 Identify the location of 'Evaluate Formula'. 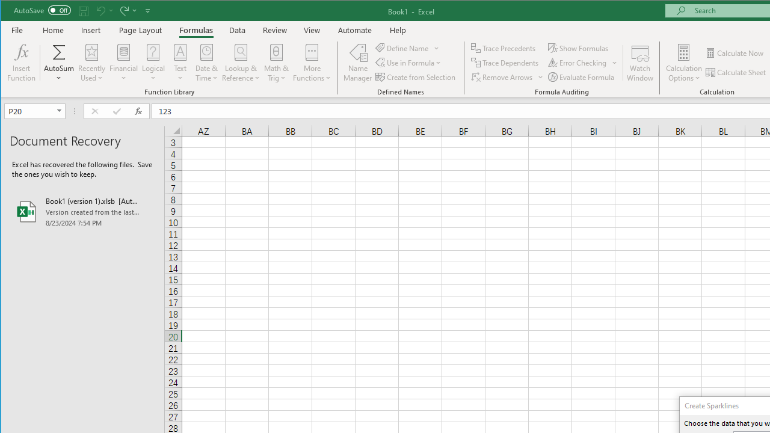
(582, 77).